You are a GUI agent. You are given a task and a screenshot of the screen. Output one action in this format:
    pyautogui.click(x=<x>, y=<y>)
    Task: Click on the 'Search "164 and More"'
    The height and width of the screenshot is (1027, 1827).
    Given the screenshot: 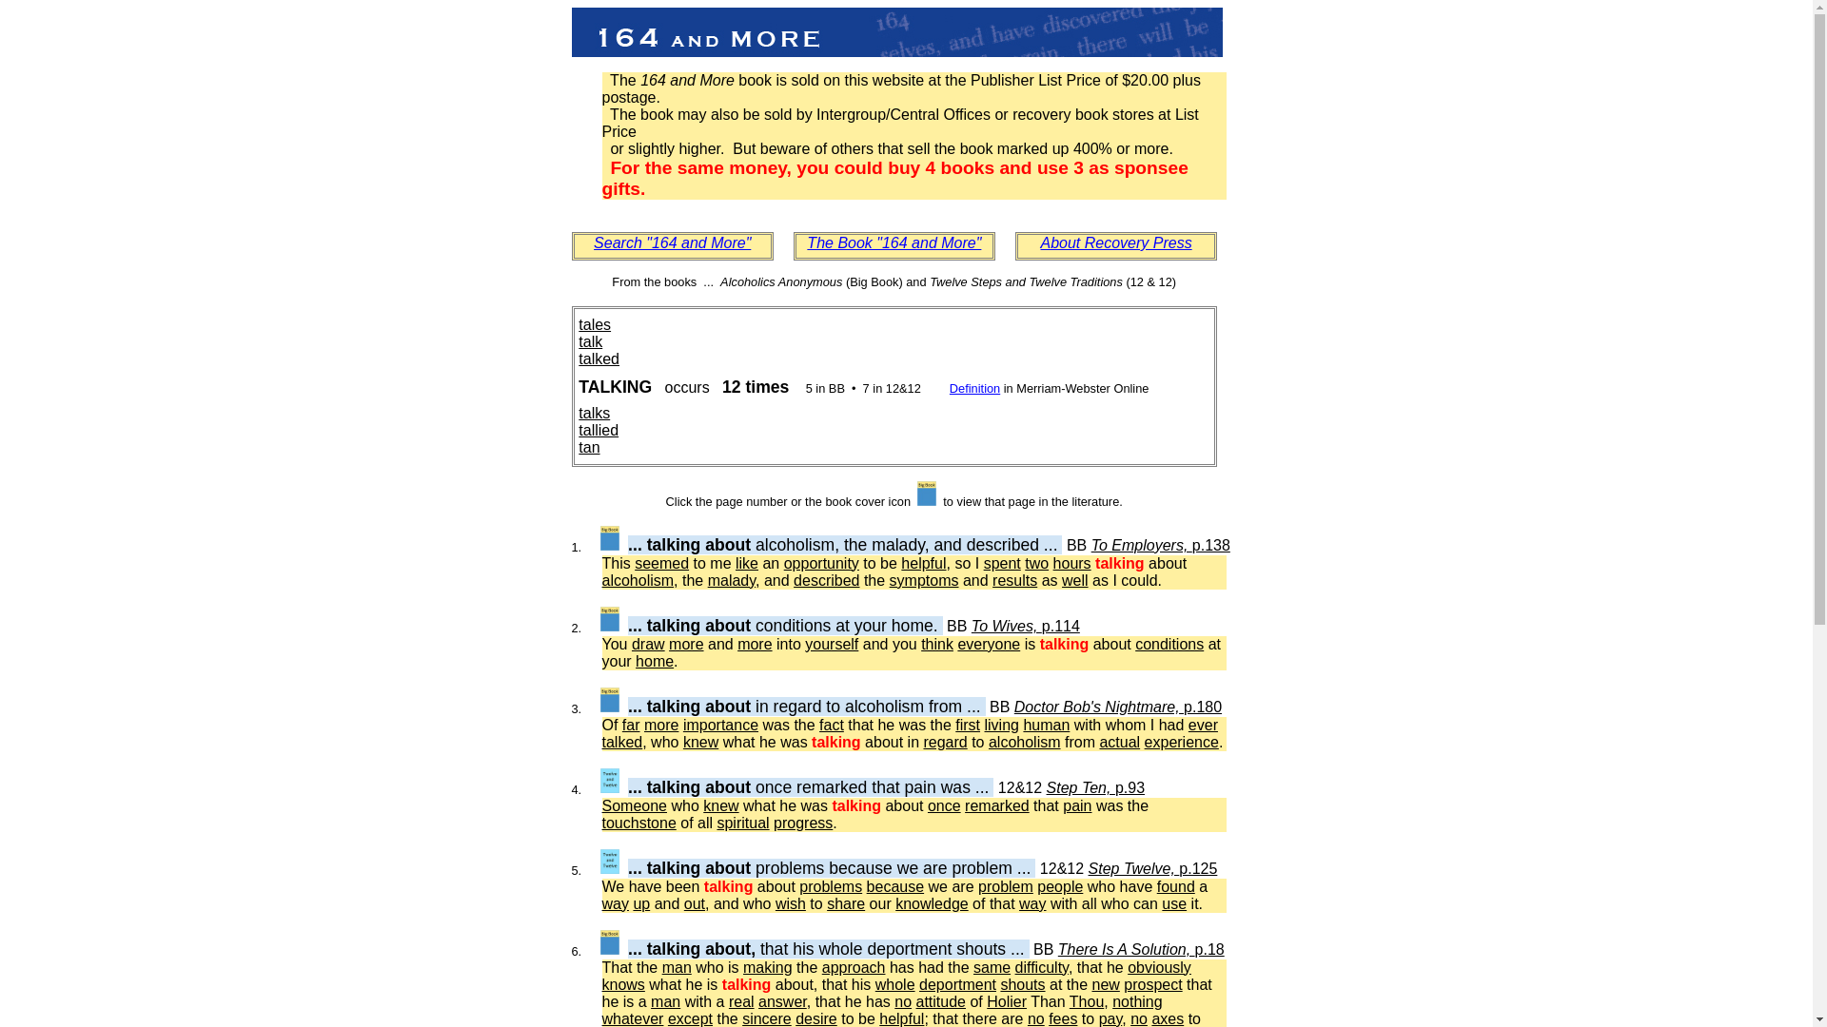 What is the action you would take?
    pyautogui.click(x=672, y=242)
    